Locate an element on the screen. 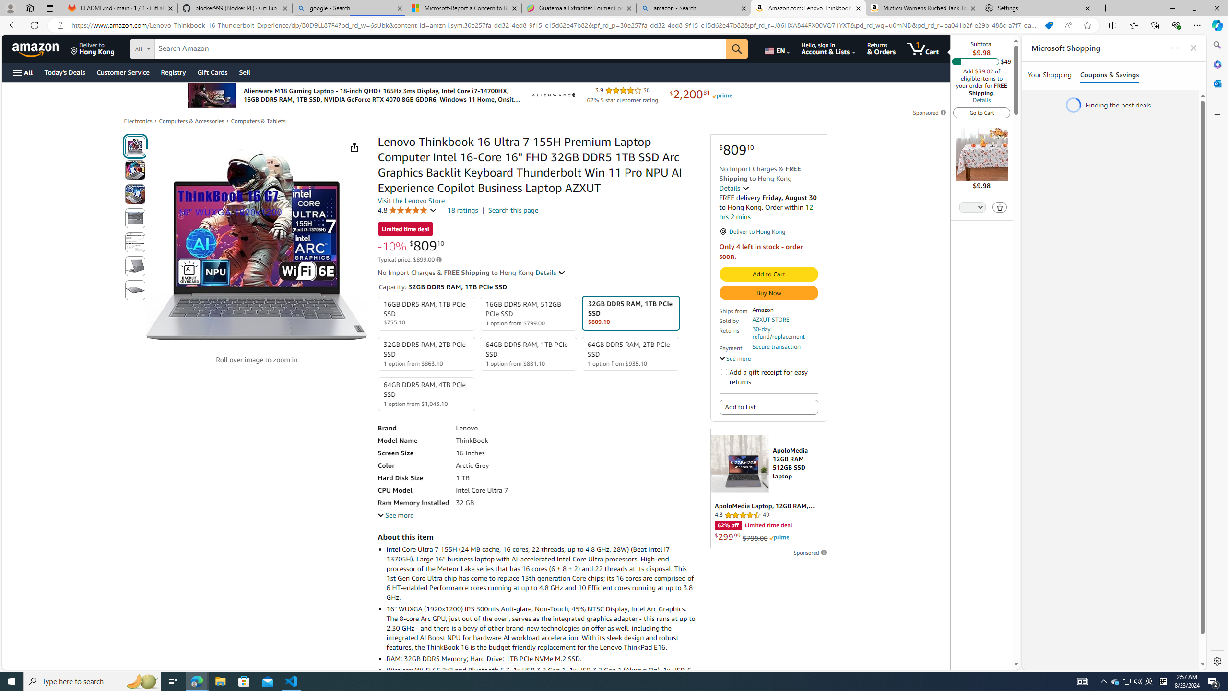 The height and width of the screenshot is (691, 1228). 'Returns & Orders' is located at coordinates (882, 48).